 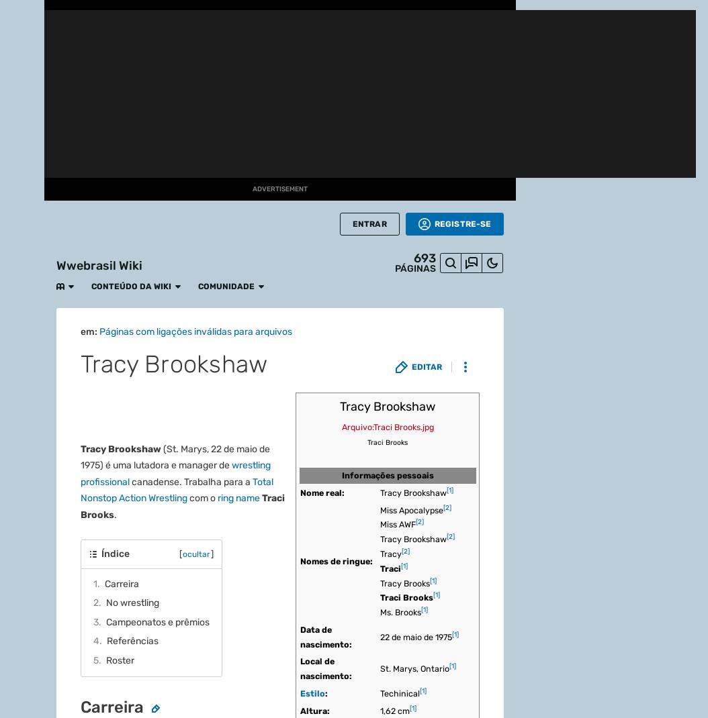 What do you see at coordinates (181, 9) in the screenshot?
I see `'Awesome Kong'` at bounding box center [181, 9].